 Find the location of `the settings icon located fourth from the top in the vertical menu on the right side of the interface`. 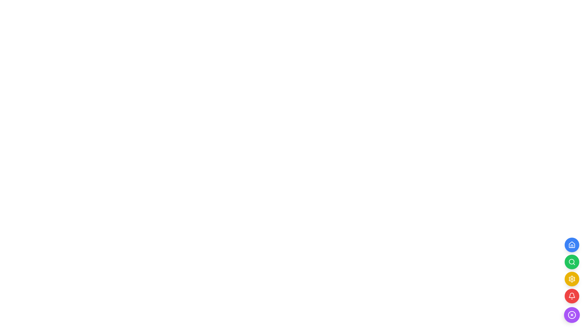

the settings icon located fourth from the top in the vertical menu on the right side of the interface is located at coordinates (571, 279).